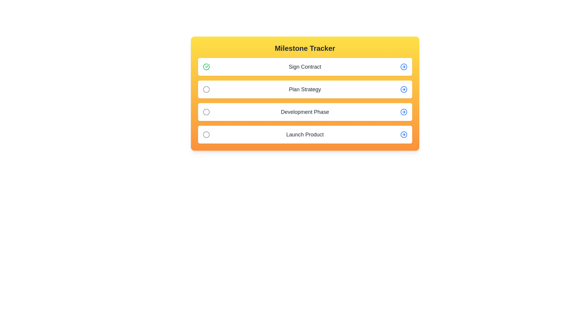  Describe the element at coordinates (404, 134) in the screenshot. I see `the blue circular icon with a white arrow pointing to the right, located` at that location.